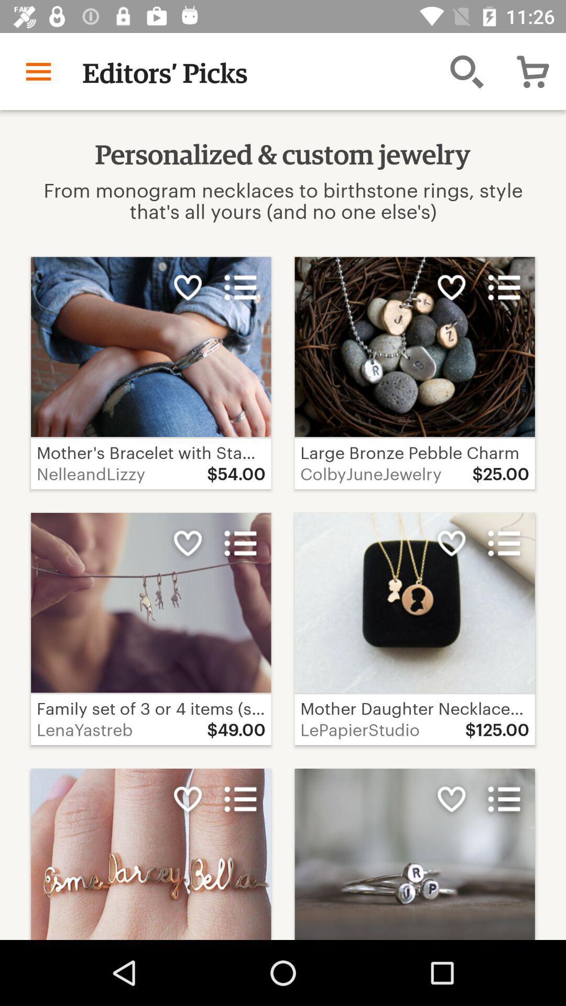  I want to click on favorite symbol of first image in third row from right side, so click(451, 799).